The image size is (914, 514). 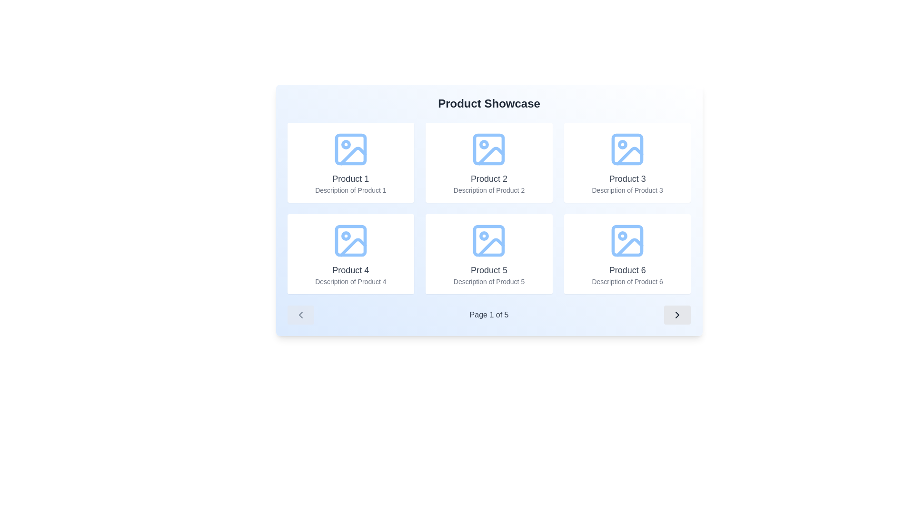 I want to click on the navigation icon located at the bottom-right corner of the main display area, so click(x=677, y=315).